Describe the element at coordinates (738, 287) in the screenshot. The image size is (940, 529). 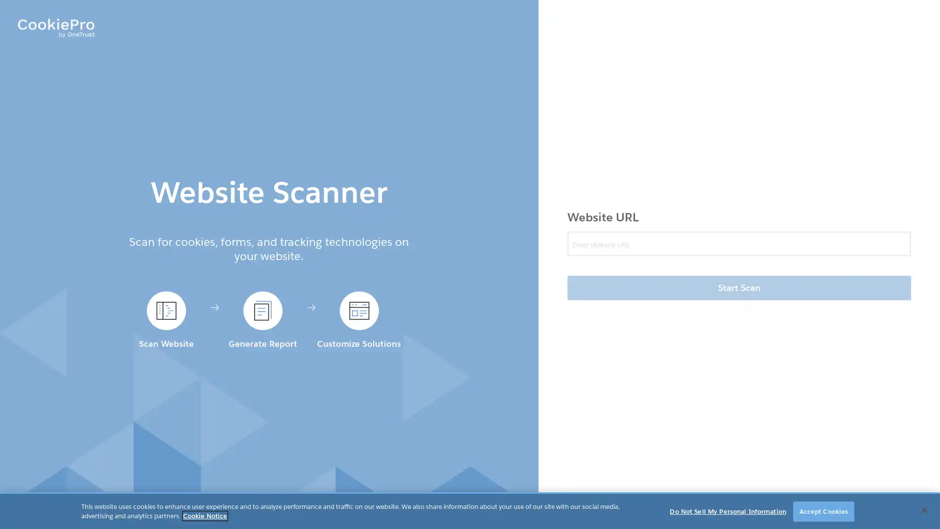
I see `Start Scan` at that location.